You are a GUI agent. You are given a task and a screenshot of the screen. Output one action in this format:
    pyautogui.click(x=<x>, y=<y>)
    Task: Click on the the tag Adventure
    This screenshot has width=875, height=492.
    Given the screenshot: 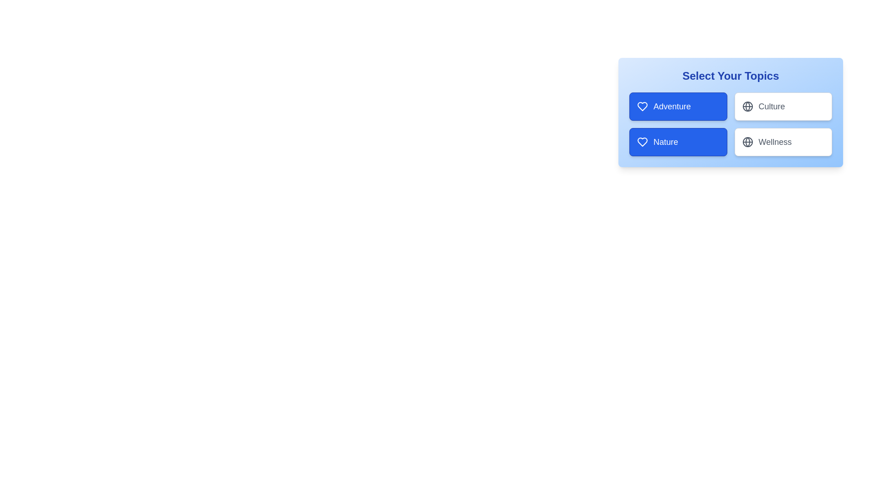 What is the action you would take?
    pyautogui.click(x=678, y=106)
    